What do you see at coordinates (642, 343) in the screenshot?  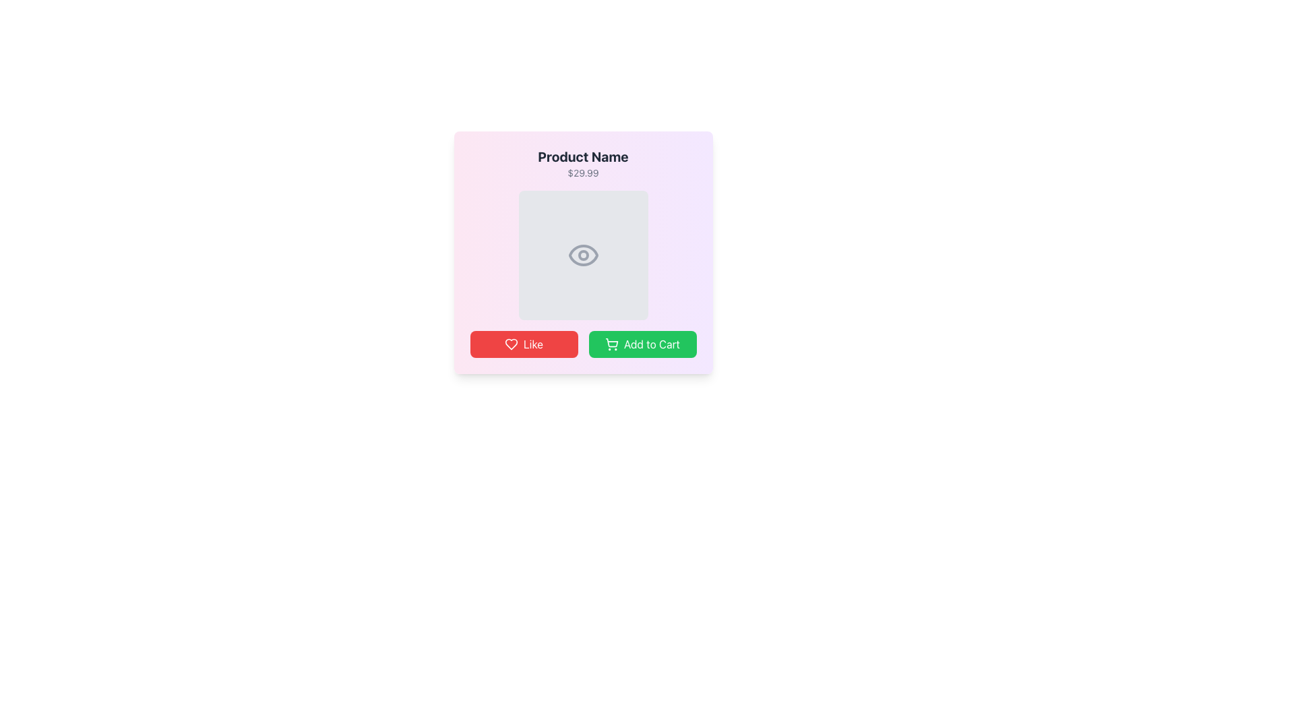 I see `the 'Add to Cart' button with rounded corners and a green background to potentially see a tooltip` at bounding box center [642, 343].